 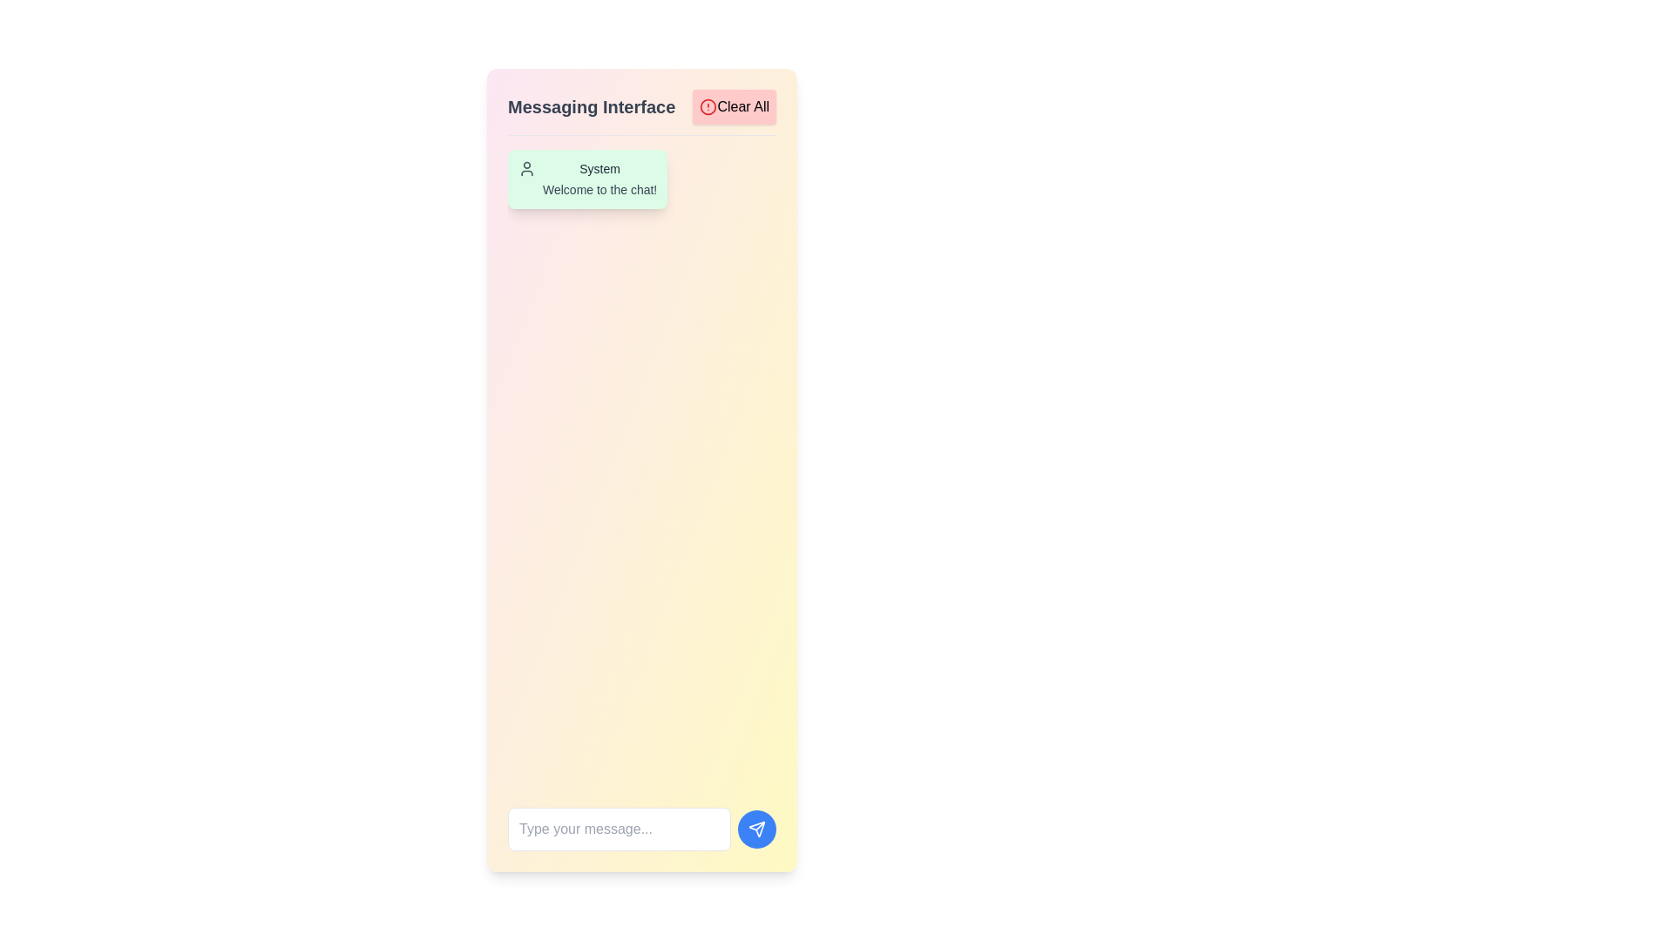 What do you see at coordinates (756, 829) in the screenshot?
I see `the 'Send' button located at the bottom right corner of the messaging interface` at bounding box center [756, 829].